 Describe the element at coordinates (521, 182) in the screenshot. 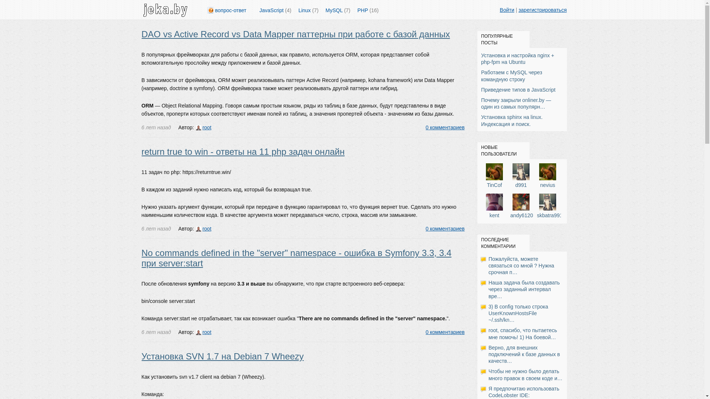

I see `'d991'` at that location.